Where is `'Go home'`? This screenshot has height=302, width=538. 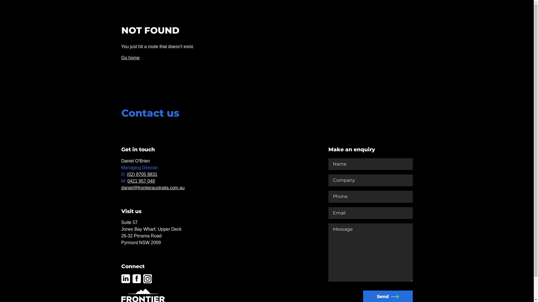
'Go home' is located at coordinates (130, 58).